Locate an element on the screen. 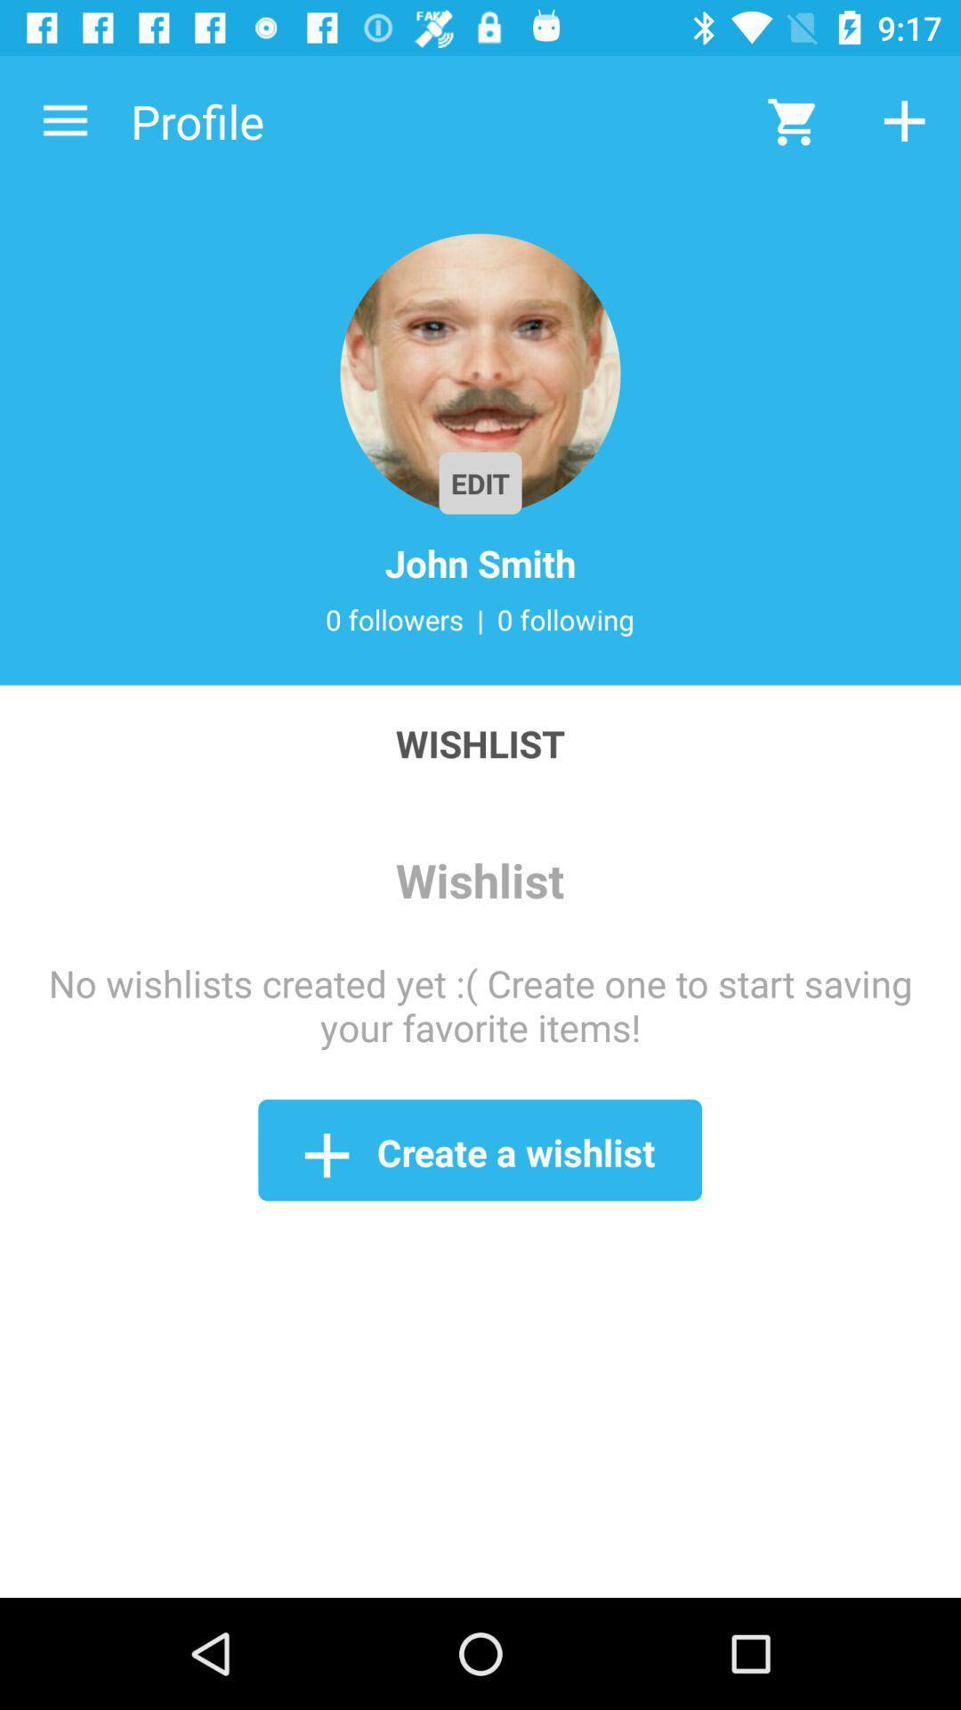 The height and width of the screenshot is (1710, 961). item above     create a wishlist is located at coordinates (480, 1005).